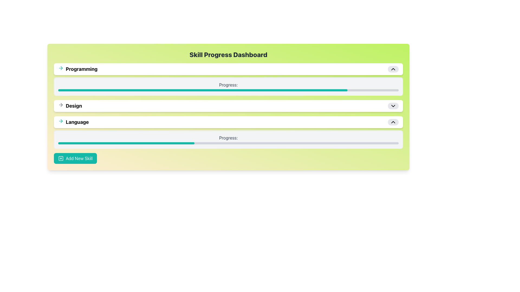 The image size is (520, 292). I want to click on the 'Add New Skill' button located at the bottom left corner of the 'Skill Progress Dashboard' section, so click(75, 158).